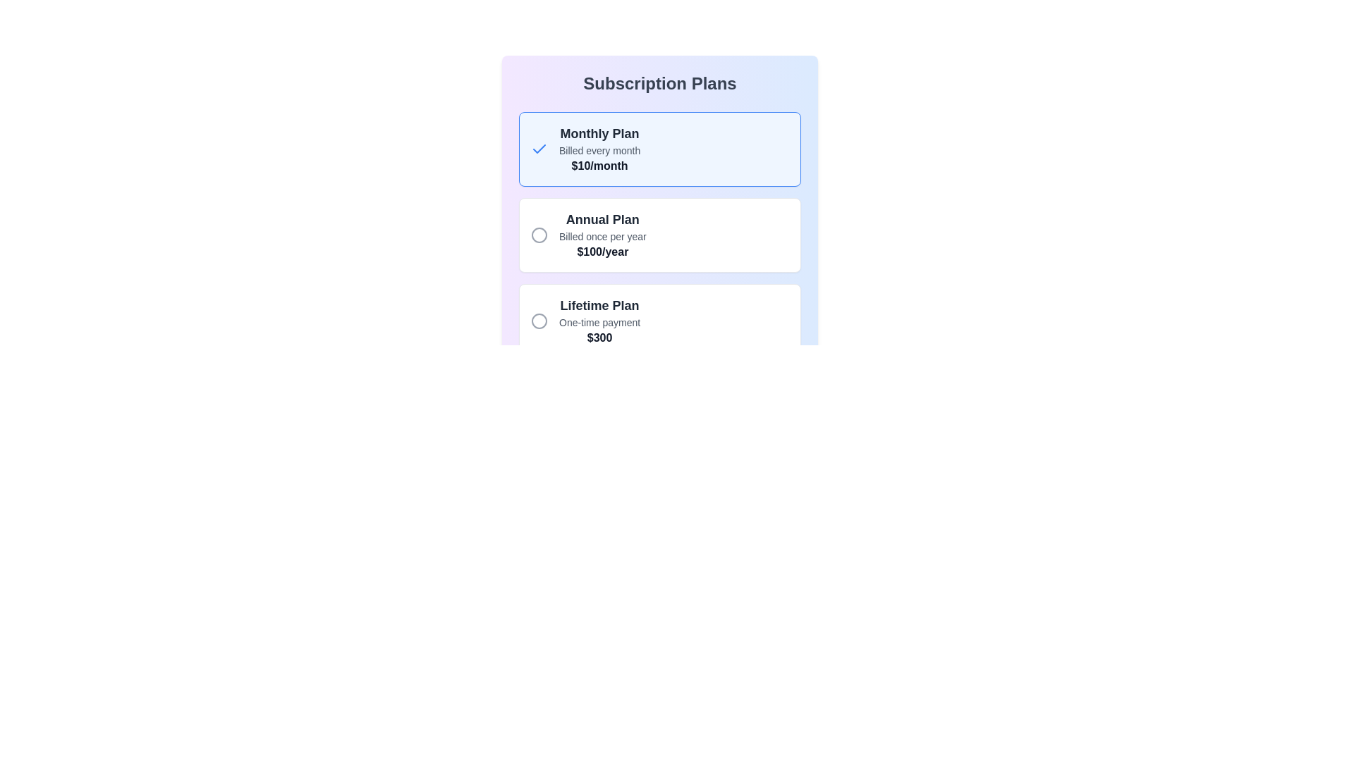  Describe the element at coordinates (599, 305) in the screenshot. I see `the header label for the 'Lifetime Plan' option, which identifies this subscription plan to the user` at that location.